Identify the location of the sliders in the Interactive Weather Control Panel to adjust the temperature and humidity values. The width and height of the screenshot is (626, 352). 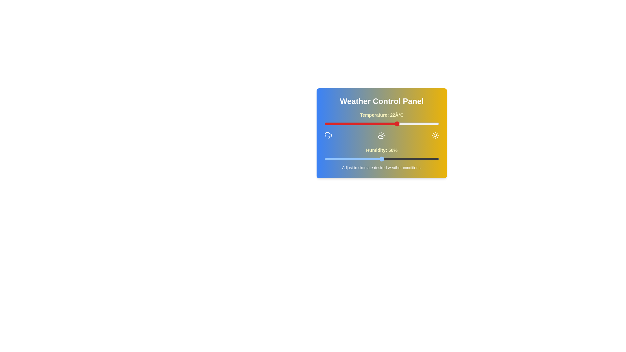
(382, 133).